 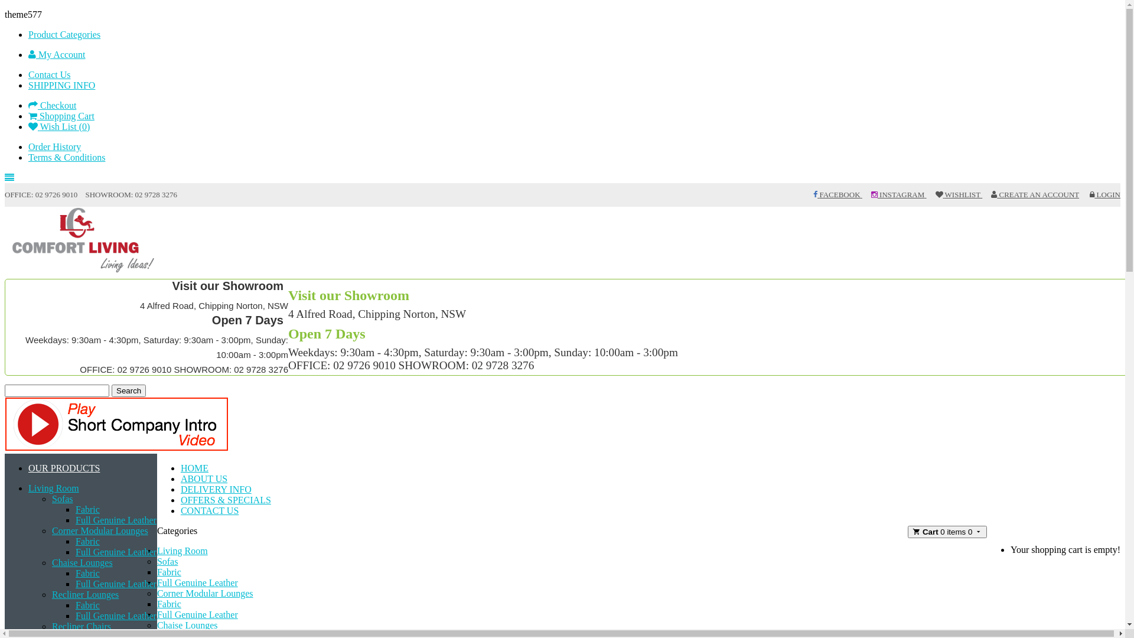 I want to click on 'Terms & Conditions', so click(x=66, y=157).